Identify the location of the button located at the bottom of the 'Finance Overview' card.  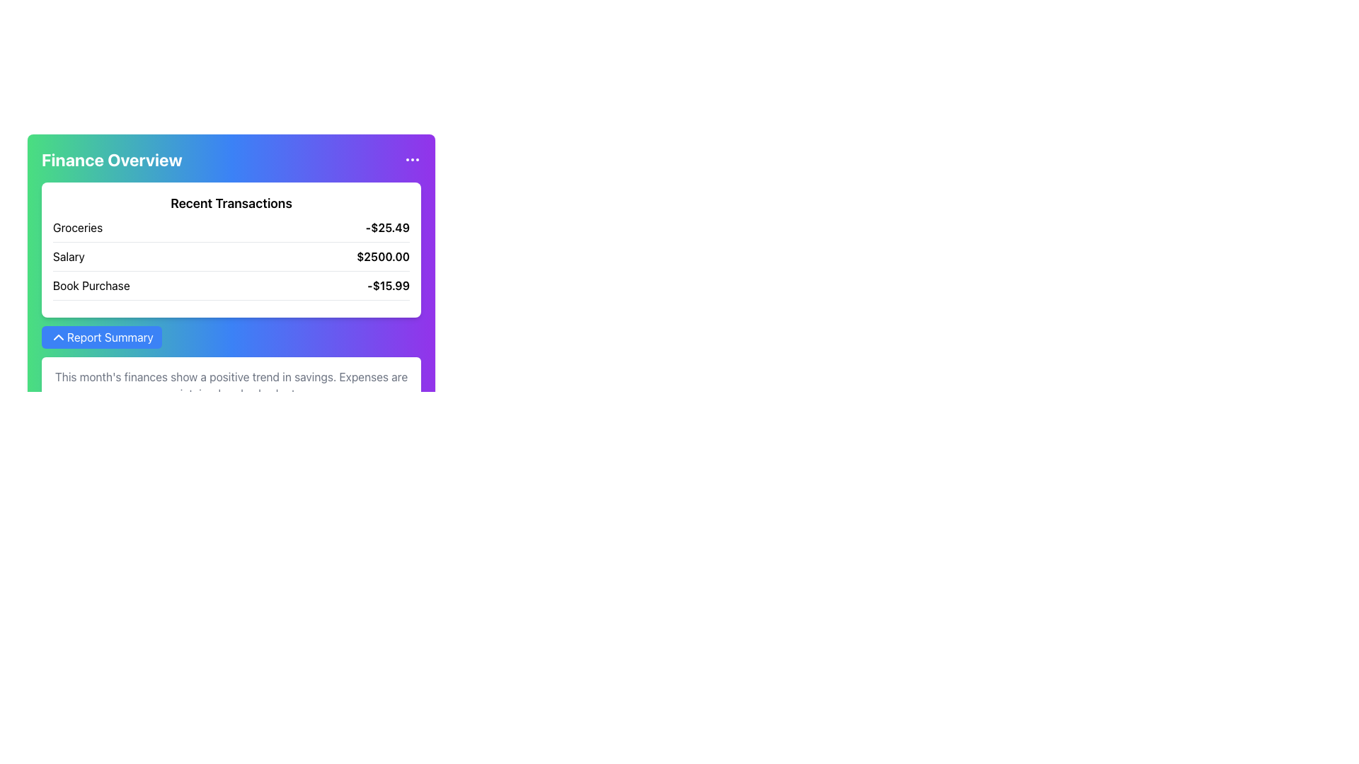
(101, 337).